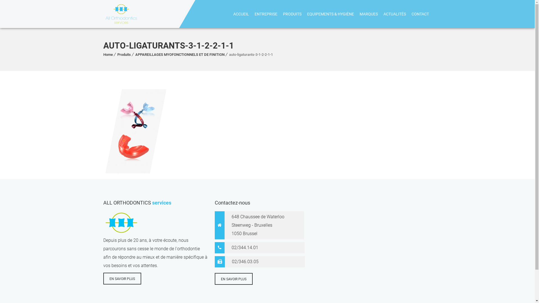 The image size is (539, 303). What do you see at coordinates (121, 14) in the screenshot?
I see `'All Ortho'` at bounding box center [121, 14].